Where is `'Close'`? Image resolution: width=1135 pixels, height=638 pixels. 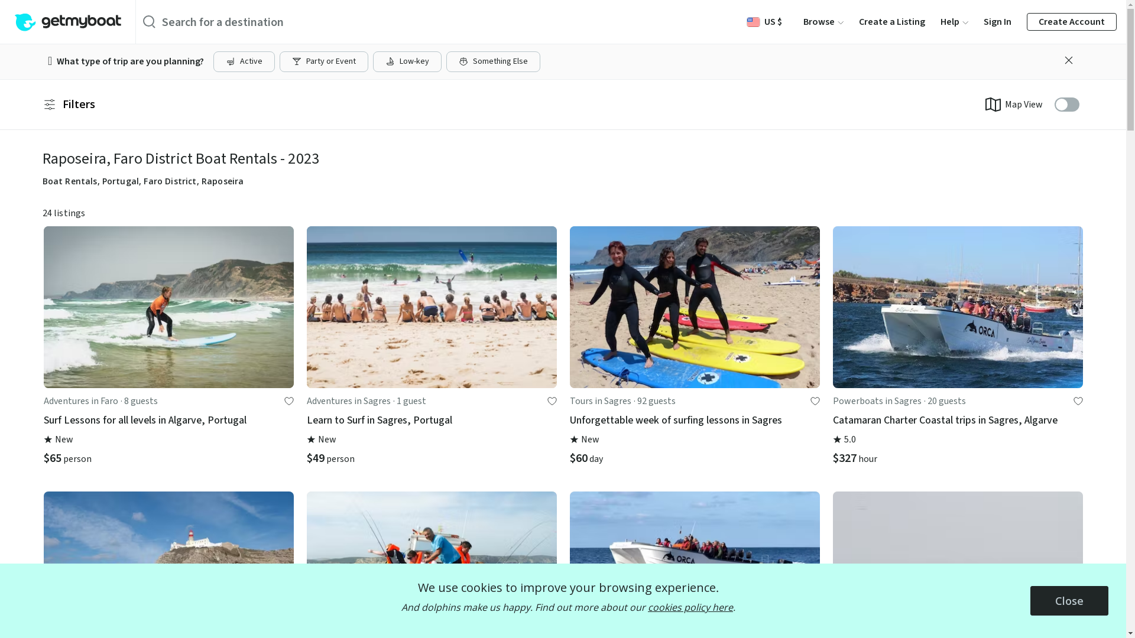 'Close' is located at coordinates (1069, 601).